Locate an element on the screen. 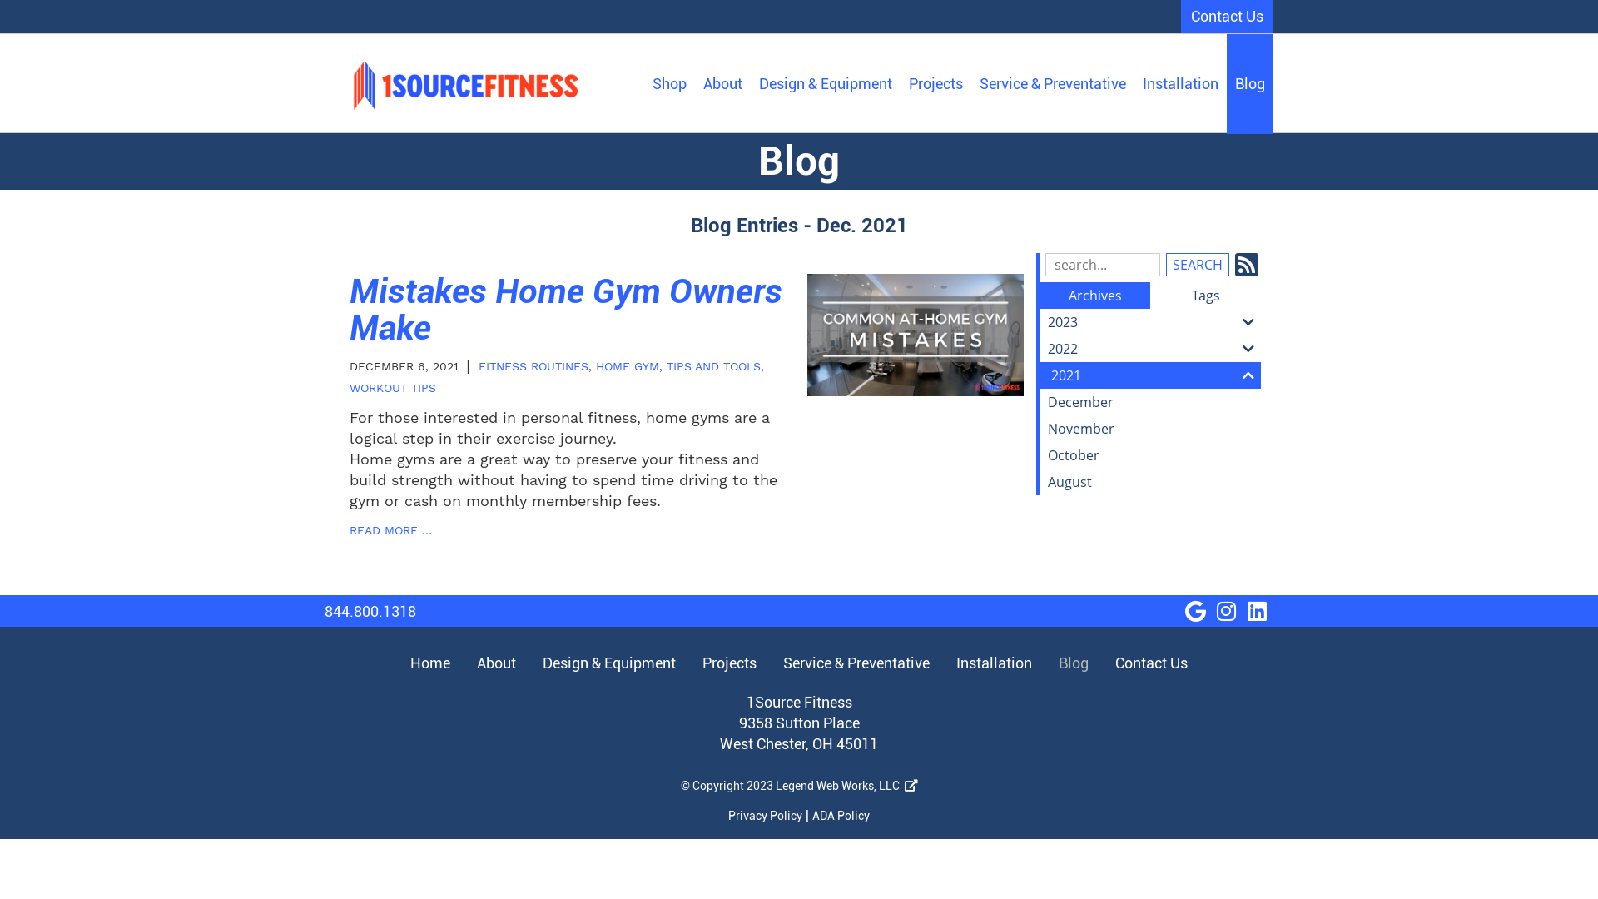 Image resolution: width=1598 pixels, height=899 pixels. 'Legend Web Works, LLC ' is located at coordinates (846, 786).